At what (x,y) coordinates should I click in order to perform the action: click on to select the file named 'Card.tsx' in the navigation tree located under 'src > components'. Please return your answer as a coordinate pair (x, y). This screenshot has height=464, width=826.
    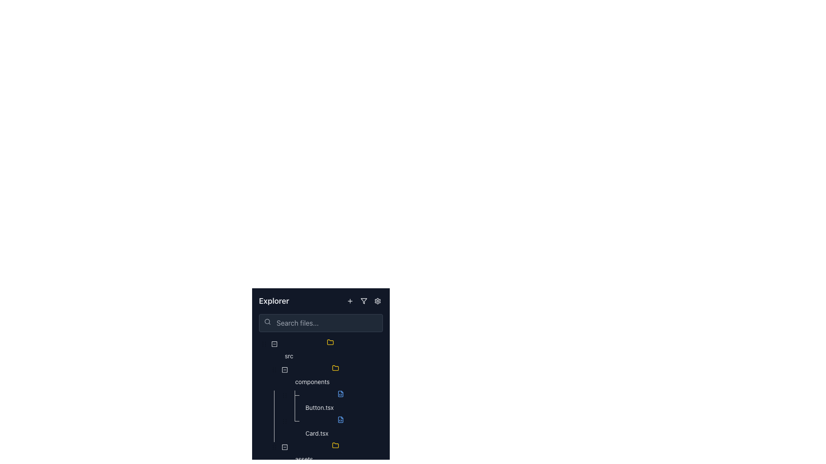
    Looking at the image, I should click on (342, 428).